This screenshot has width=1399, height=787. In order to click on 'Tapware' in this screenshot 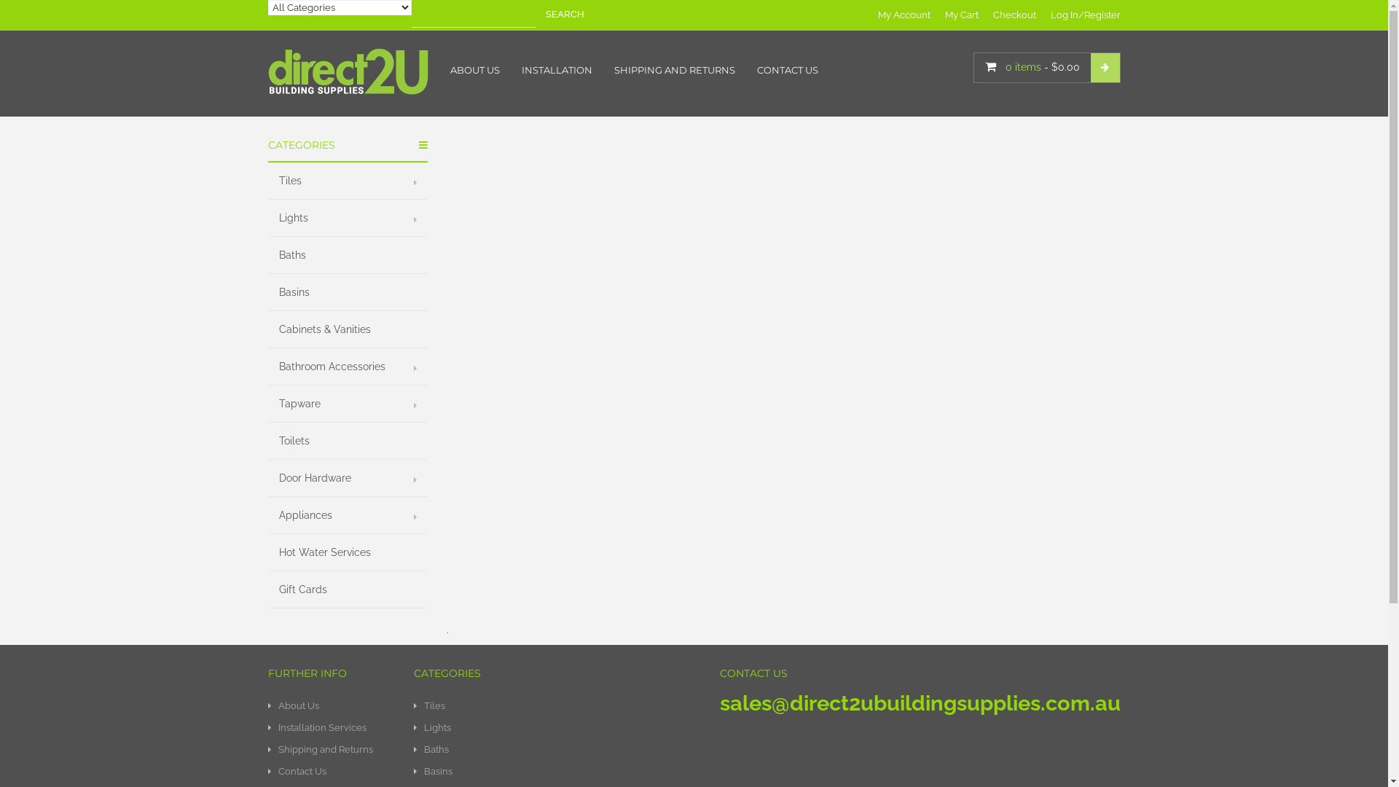, I will do `click(348, 404)`.